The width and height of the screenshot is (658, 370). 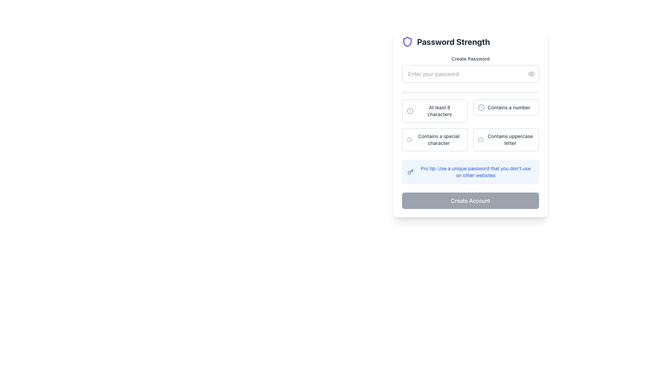 I want to click on the informational box indicating that the password must contain at least one numeric character, positioned in the second column of the first row of the validation criteria grid, so click(x=506, y=107).